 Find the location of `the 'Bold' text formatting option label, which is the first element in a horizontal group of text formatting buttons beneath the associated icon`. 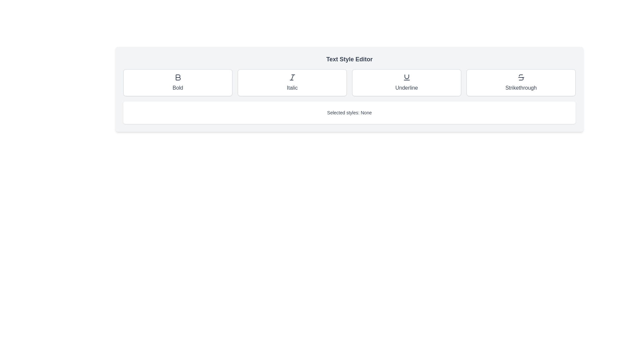

the 'Bold' text formatting option label, which is the first element in a horizontal group of text formatting buttons beneath the associated icon is located at coordinates (178, 87).